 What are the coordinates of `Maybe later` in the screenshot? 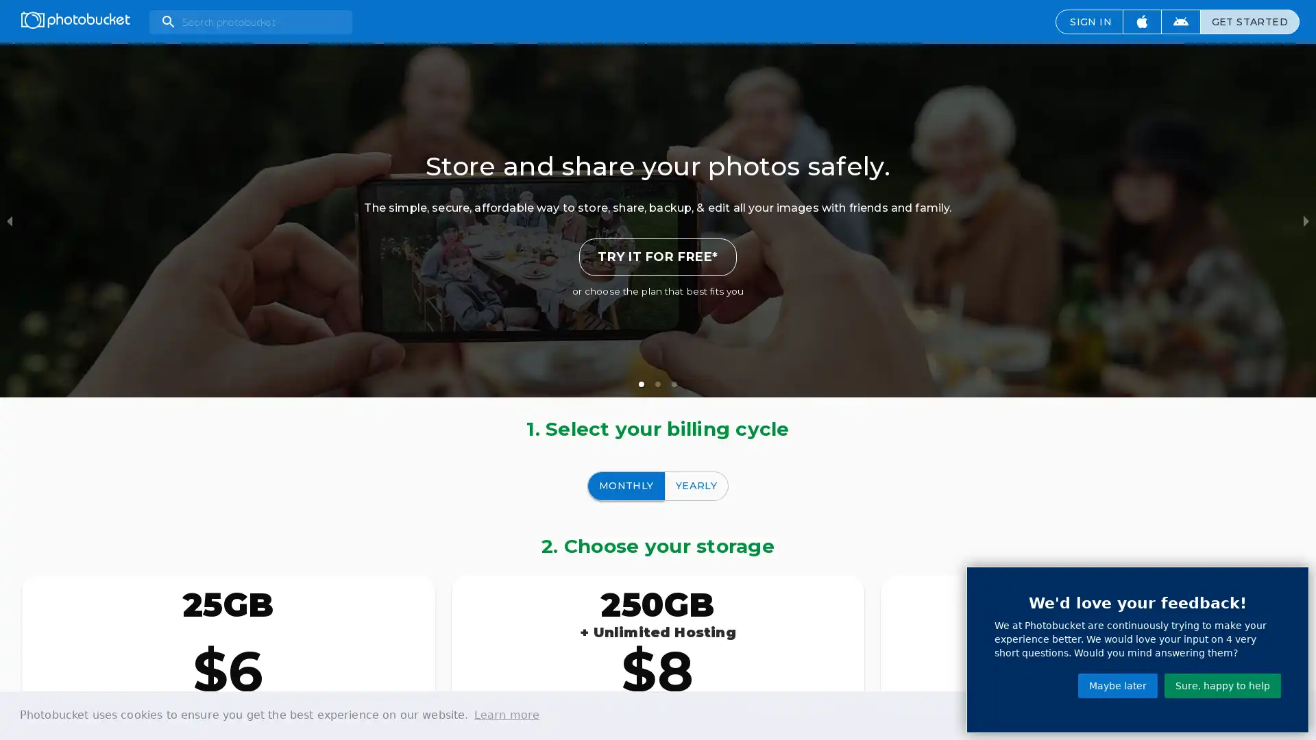 It's located at (1118, 686).